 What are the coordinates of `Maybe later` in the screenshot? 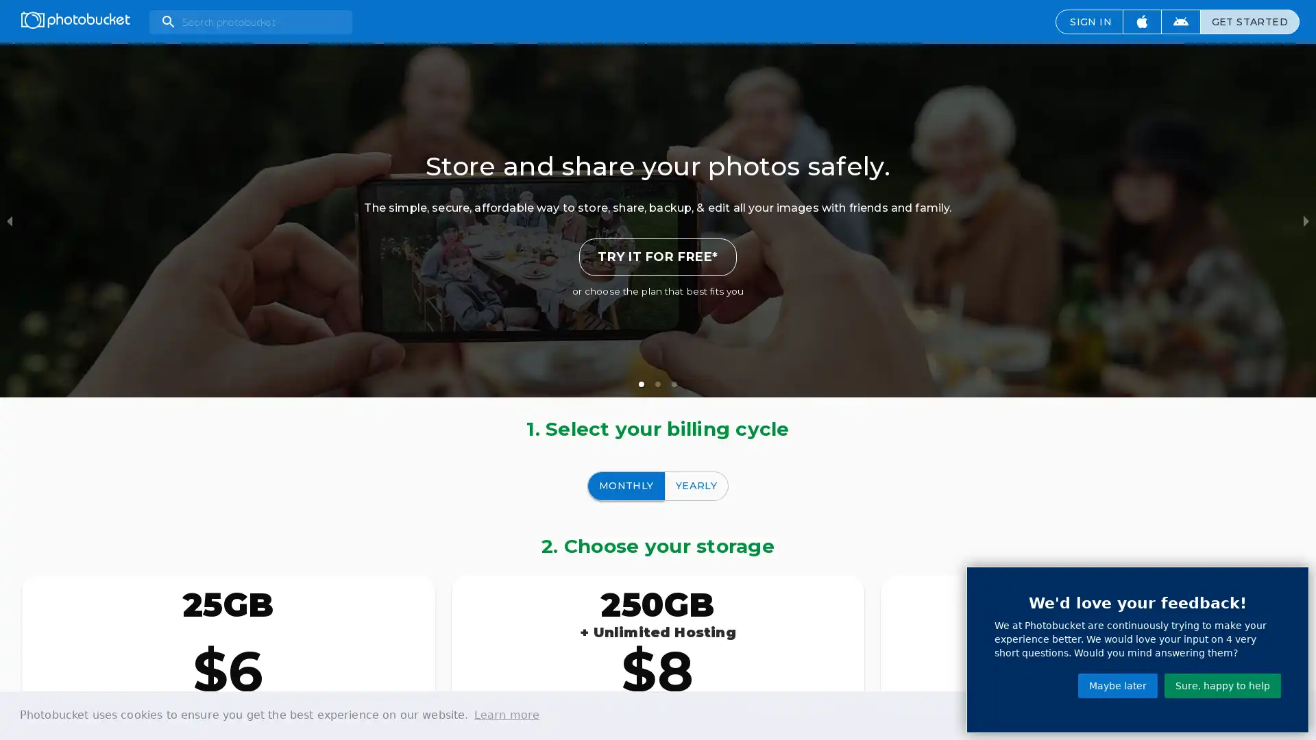 It's located at (1118, 686).